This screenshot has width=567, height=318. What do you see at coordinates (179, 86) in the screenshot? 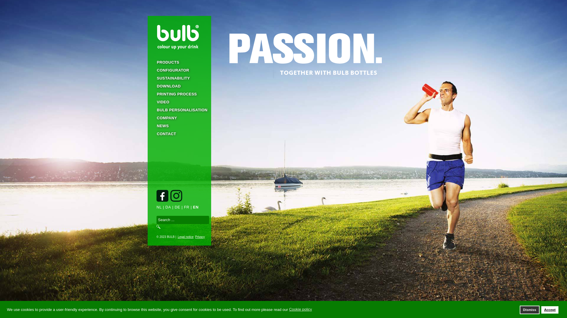
I see `'DOWNLOAD'` at bounding box center [179, 86].